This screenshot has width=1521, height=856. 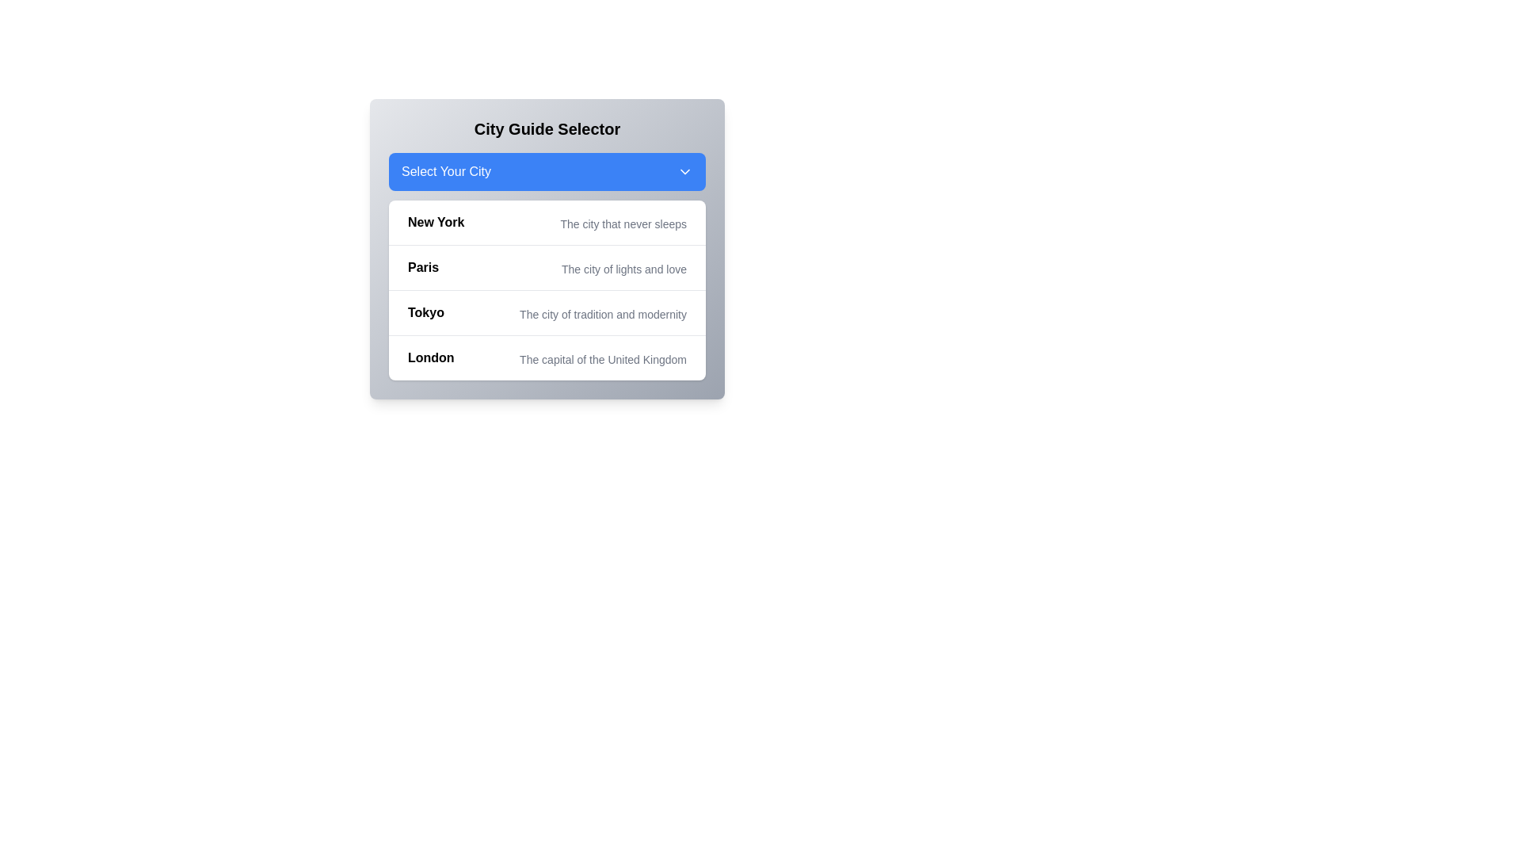 What do you see at coordinates (547, 128) in the screenshot?
I see `the Static text header labeled 'City Guide Selector', which is prominently displayed in a bold, extra-large font at the top of the card layout` at bounding box center [547, 128].